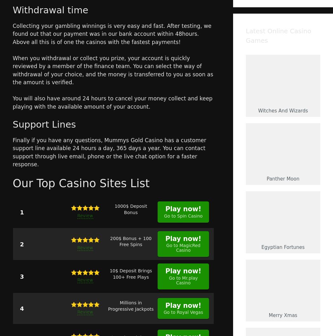 This screenshot has width=333, height=336. What do you see at coordinates (112, 102) in the screenshot?
I see `'You will also have around 24 hours to cancel your money collect and keep playing with the available amount of your account.'` at bounding box center [112, 102].